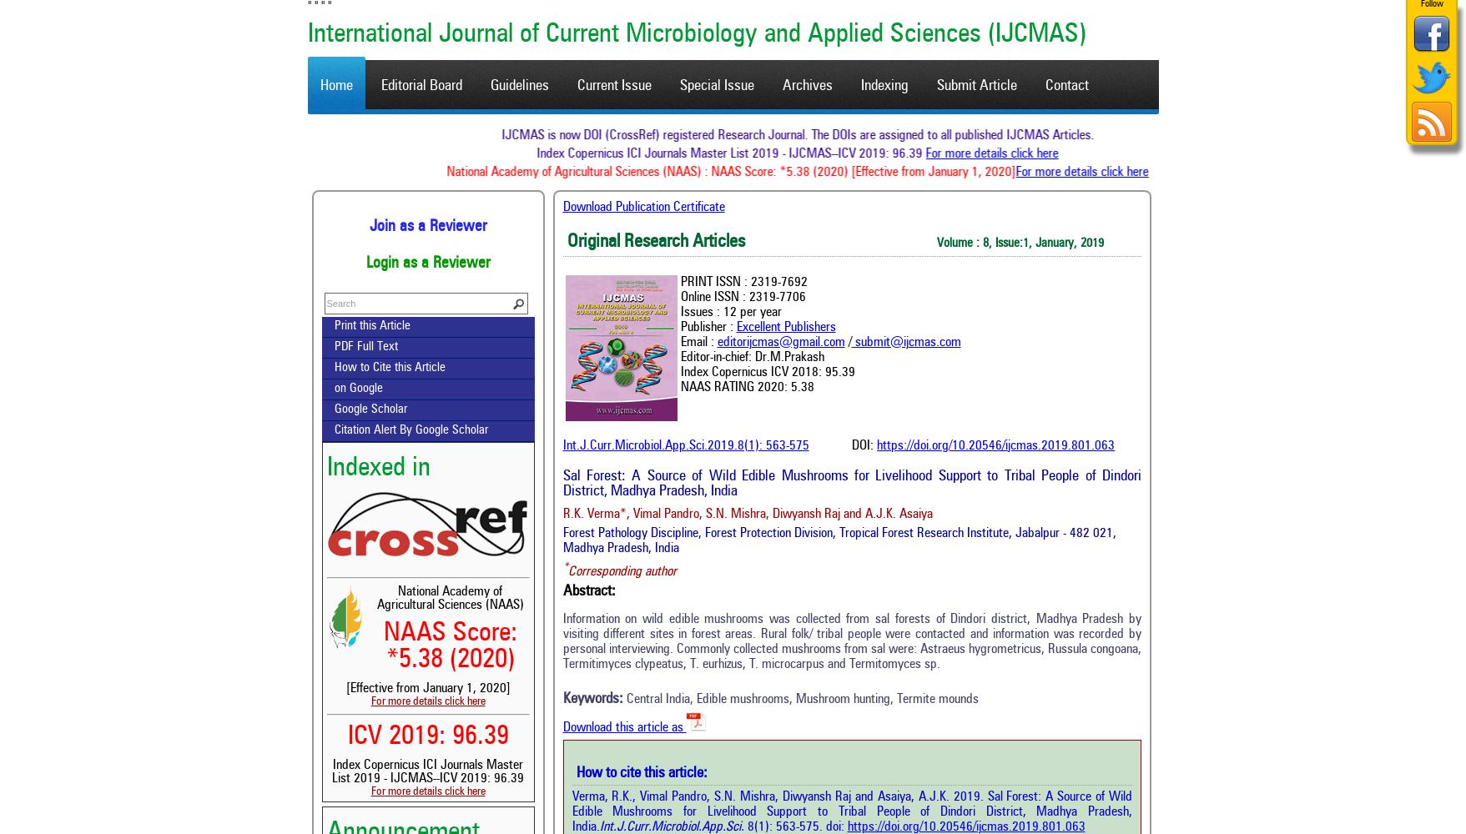 Image resolution: width=1466 pixels, height=834 pixels. Describe the element at coordinates (750, 242) in the screenshot. I see `'Original Research Articles'` at that location.